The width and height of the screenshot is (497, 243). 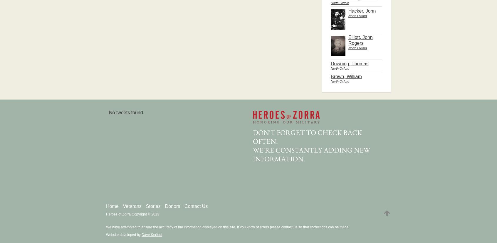 I want to click on 'Contact Us', so click(x=196, y=206).